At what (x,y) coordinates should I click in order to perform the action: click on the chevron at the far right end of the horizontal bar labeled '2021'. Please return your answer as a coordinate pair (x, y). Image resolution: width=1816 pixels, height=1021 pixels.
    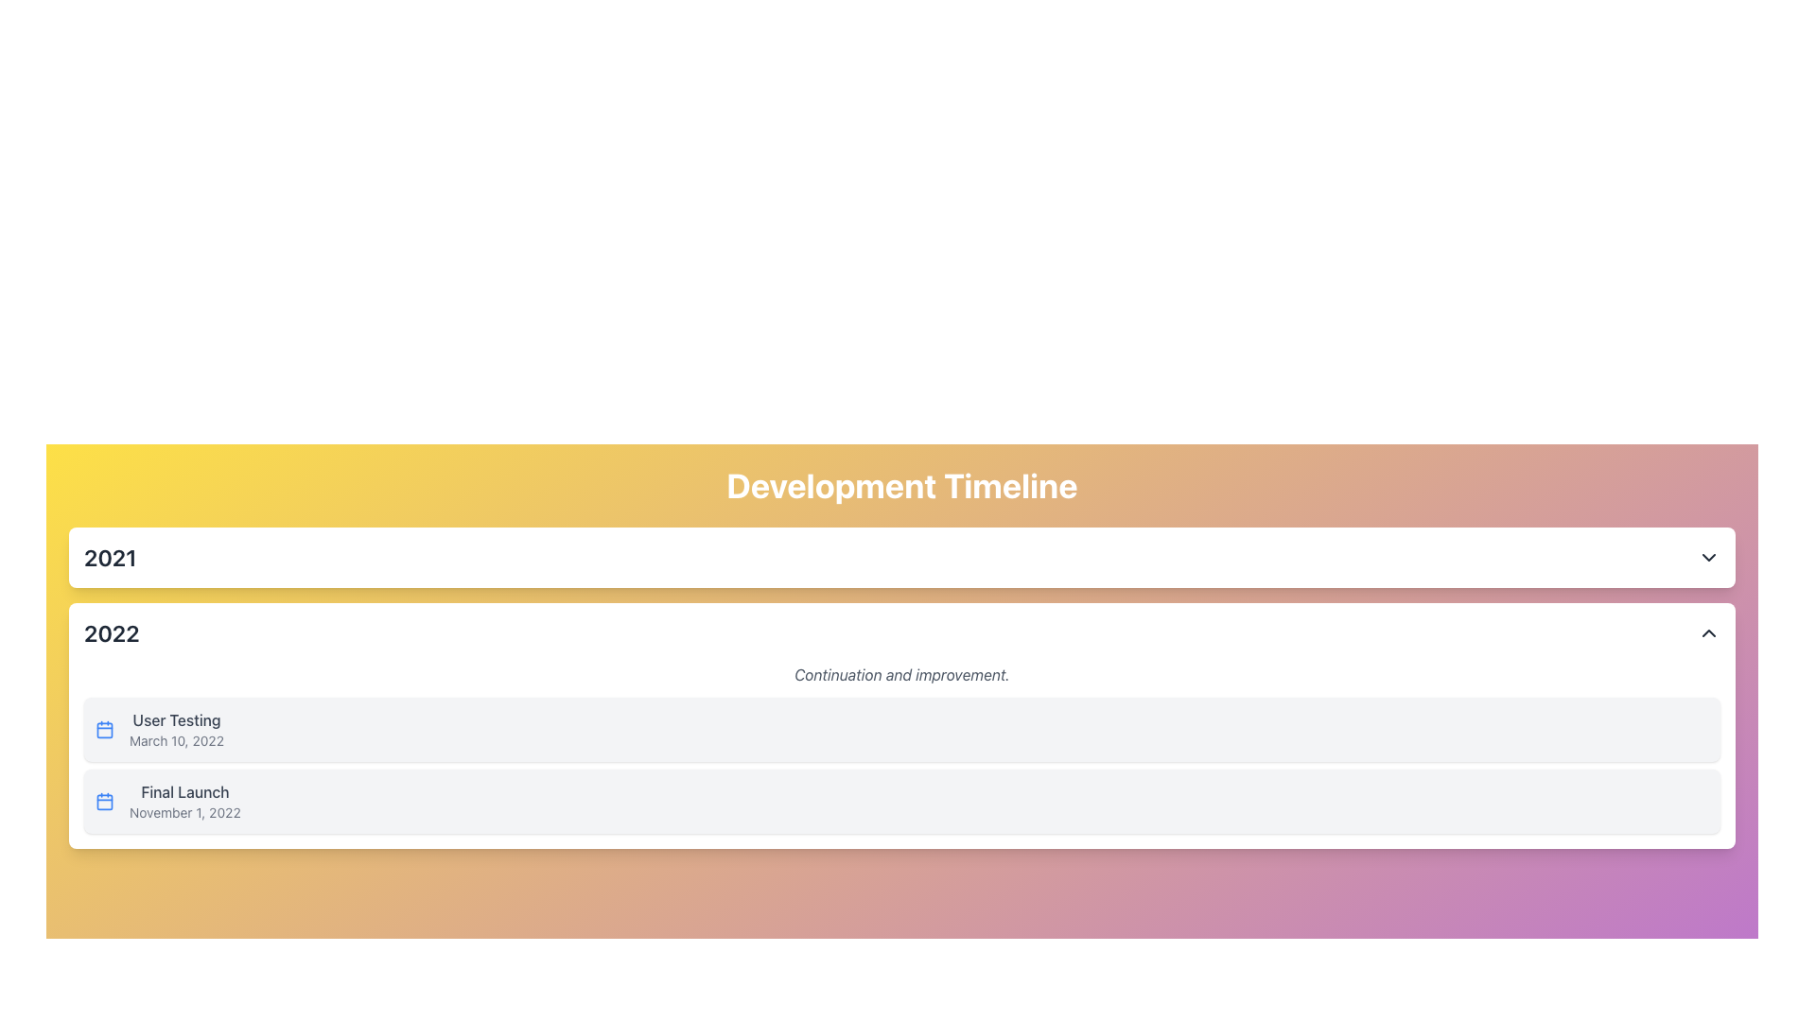
    Looking at the image, I should click on (1708, 557).